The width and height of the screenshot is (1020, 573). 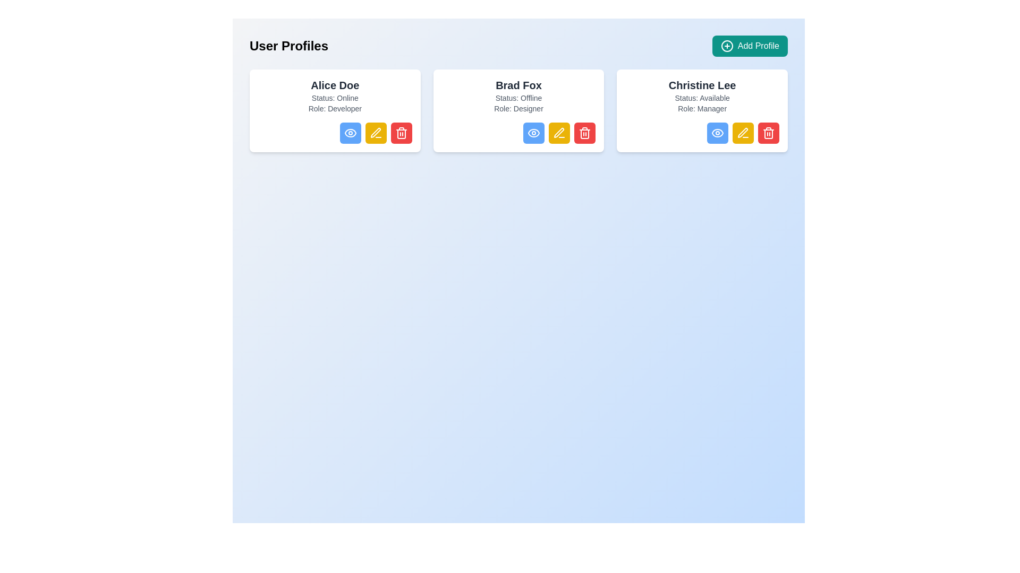 What do you see at coordinates (534, 132) in the screenshot?
I see `the 'view' action button for the user profile of 'Brad Fox'` at bounding box center [534, 132].